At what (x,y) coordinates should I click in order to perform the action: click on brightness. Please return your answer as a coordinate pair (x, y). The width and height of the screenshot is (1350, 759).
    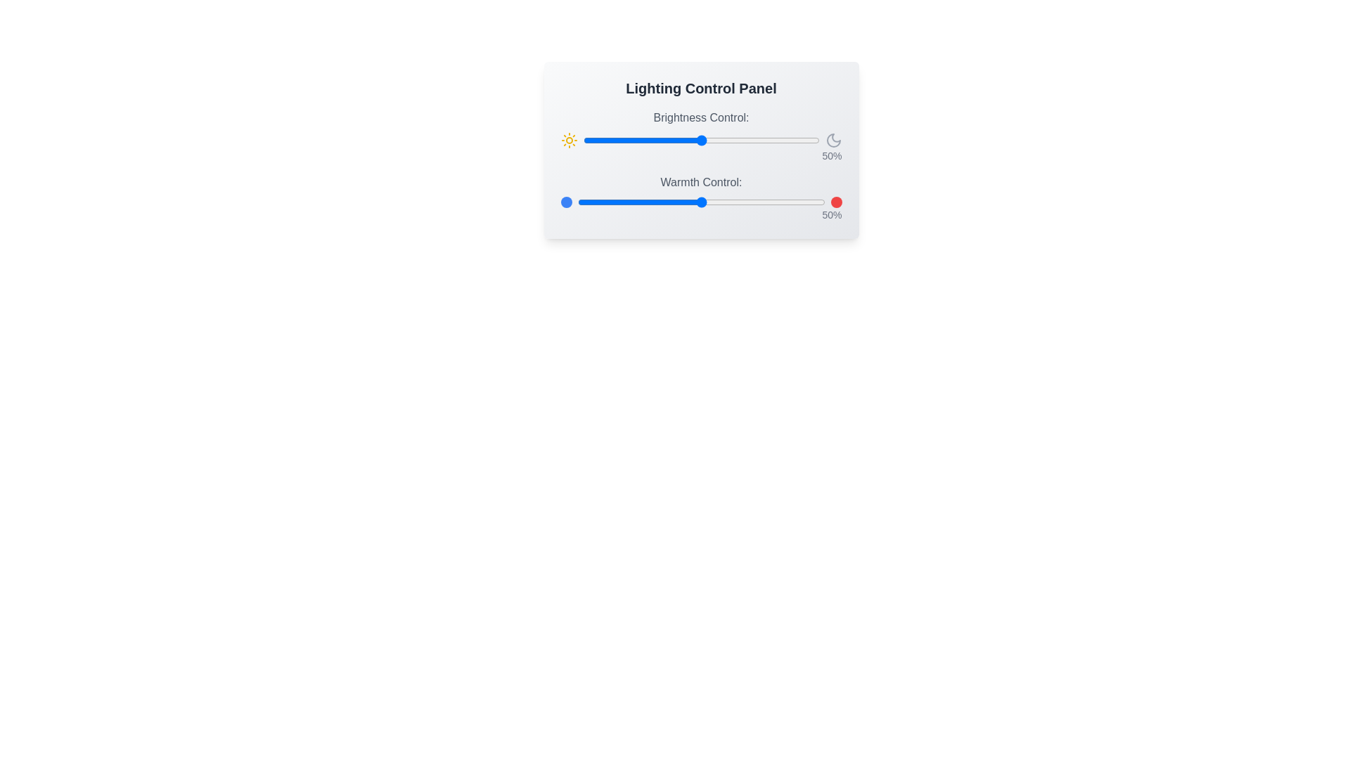
    Looking at the image, I should click on (650, 141).